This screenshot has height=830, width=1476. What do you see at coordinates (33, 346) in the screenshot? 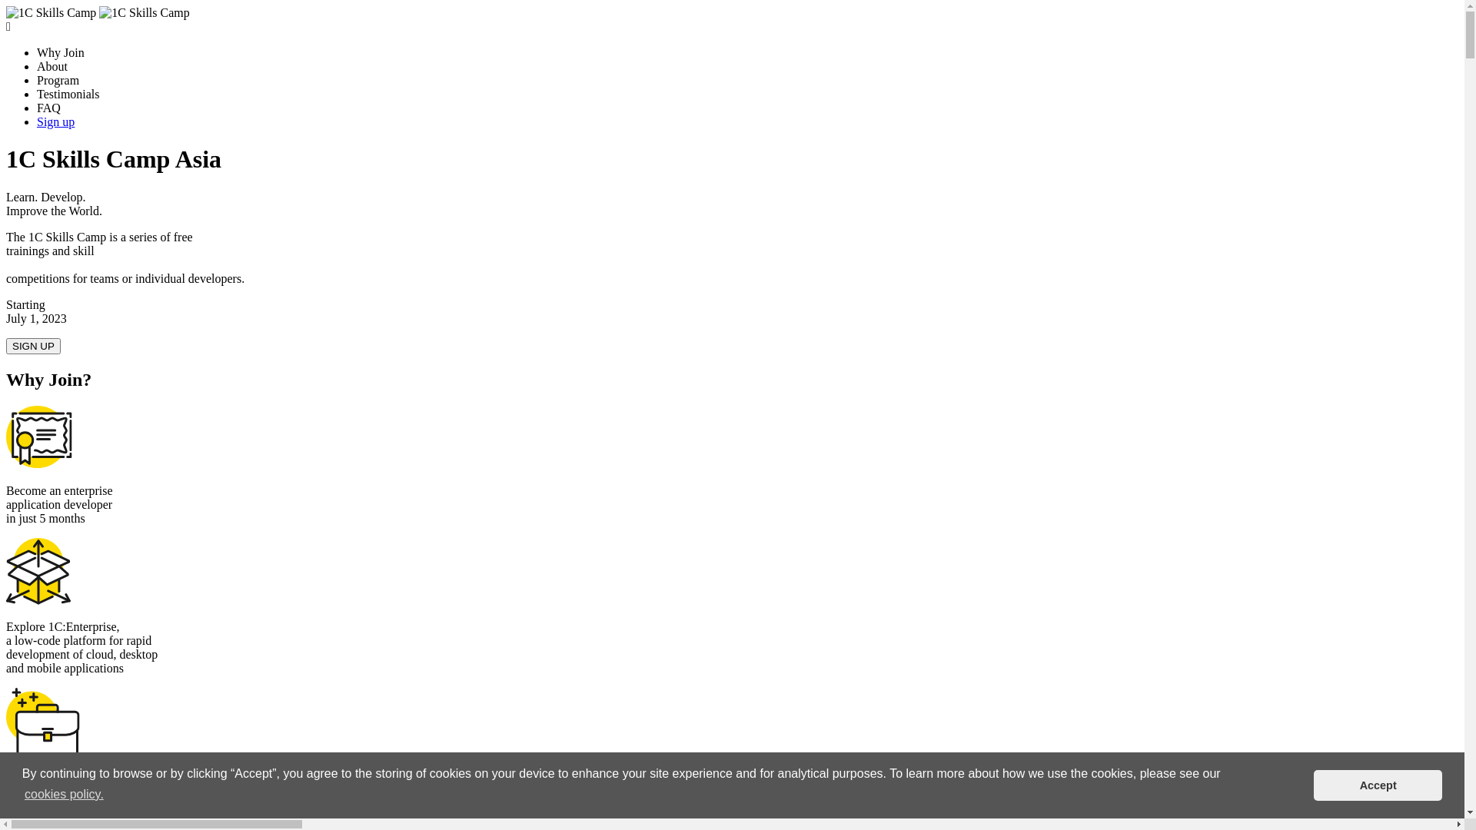
I see `'SIGN UP'` at bounding box center [33, 346].